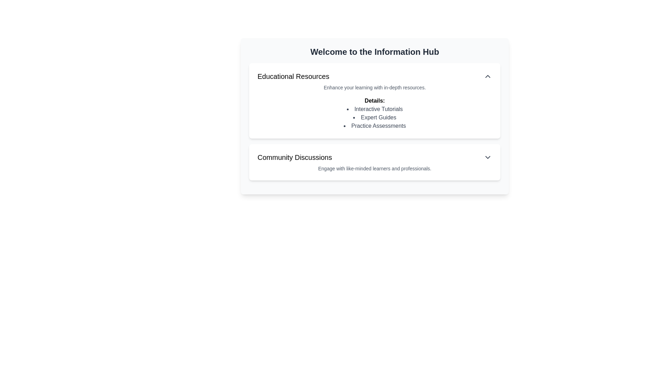 This screenshot has height=377, width=670. I want to click on the 'Community Discussions' dropdown trigger element, which is located in the second card below the main title 'Welcome to the Information Hub.', so click(374, 157).